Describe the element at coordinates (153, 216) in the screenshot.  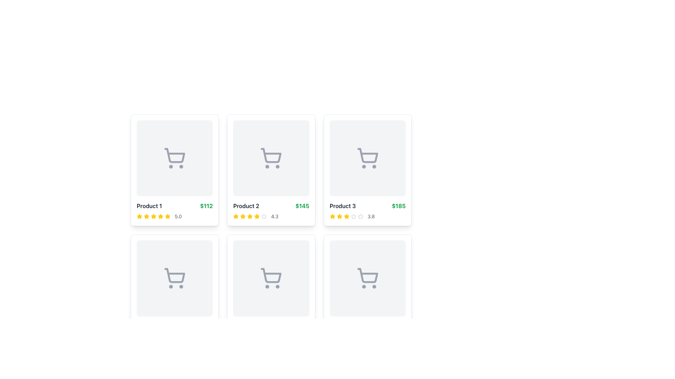
I see `the fifth star icon in the rating section of 'Product 1', which visually represents the fifth unit of a rating score` at that location.